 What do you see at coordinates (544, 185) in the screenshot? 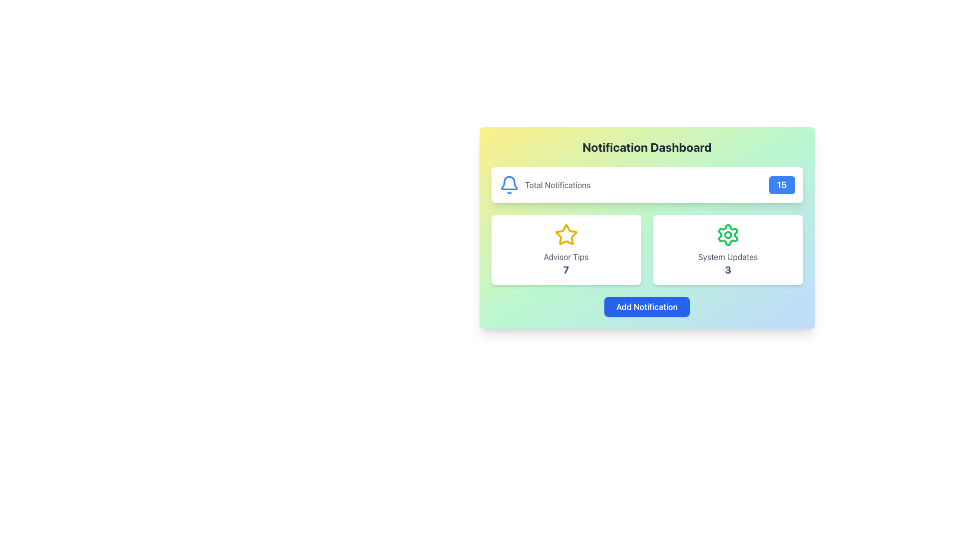
I see `the icon and text label indicating the total number of notifications on the dashboard` at bounding box center [544, 185].